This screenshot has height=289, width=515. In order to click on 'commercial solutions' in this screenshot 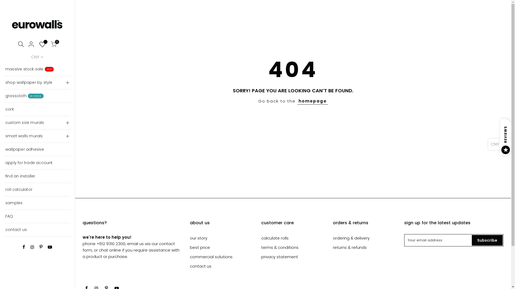, I will do `click(211, 256)`.